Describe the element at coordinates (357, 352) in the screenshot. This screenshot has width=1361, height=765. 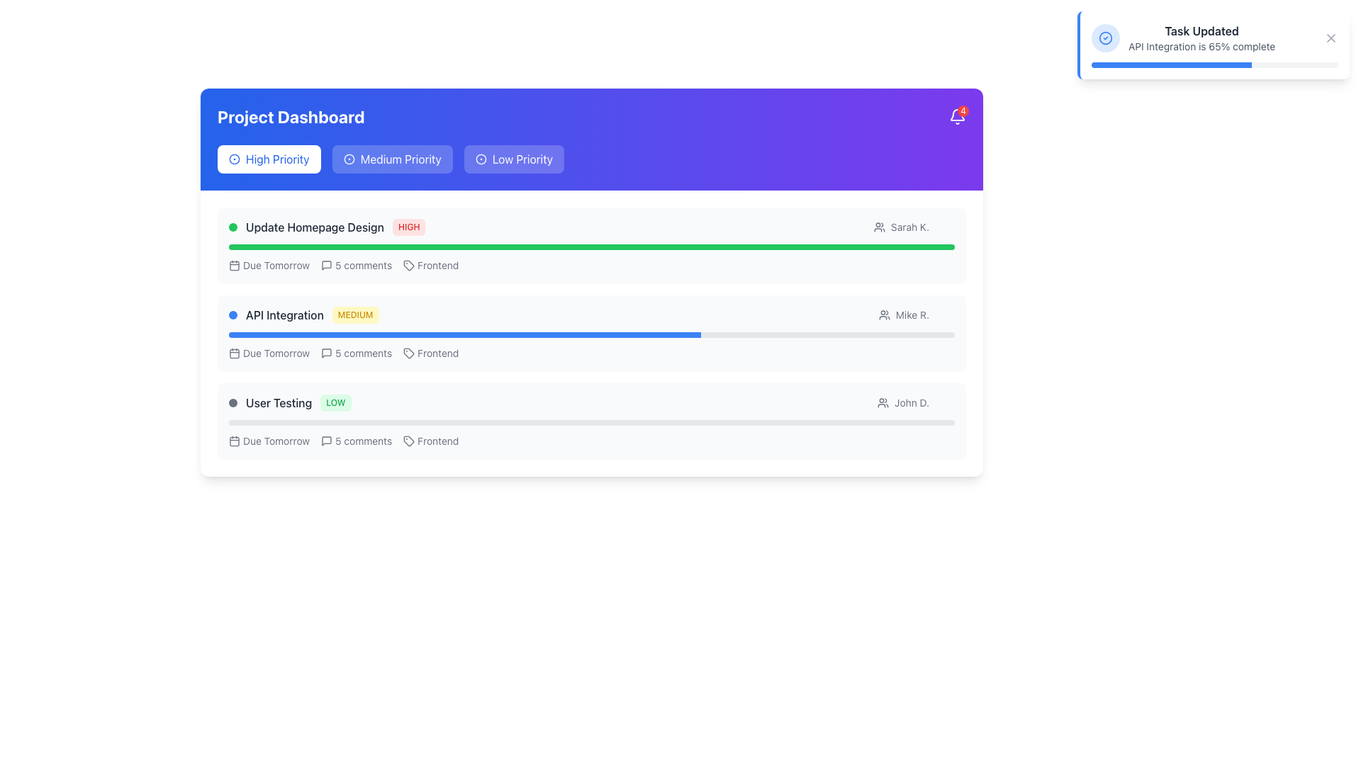
I see `the comment indicator label, which consists of a chat bubble icon and the text '5 comments'` at that location.